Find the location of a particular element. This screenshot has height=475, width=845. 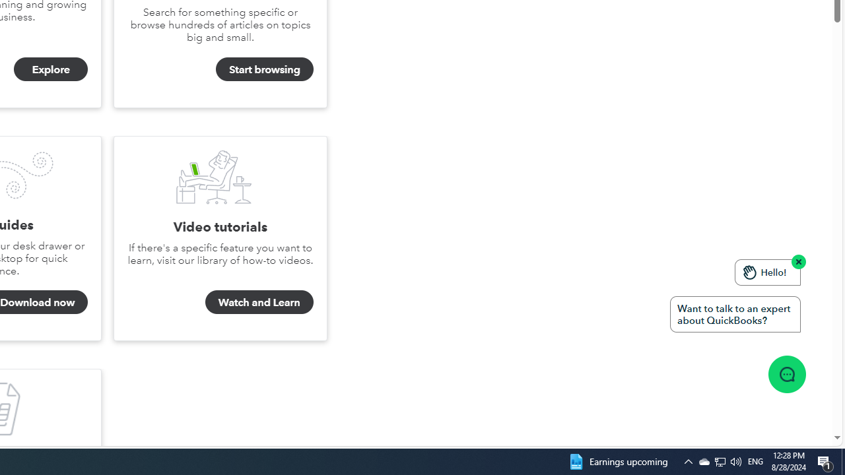

'Class: message-icon_img-desktop' is located at coordinates (786, 374).